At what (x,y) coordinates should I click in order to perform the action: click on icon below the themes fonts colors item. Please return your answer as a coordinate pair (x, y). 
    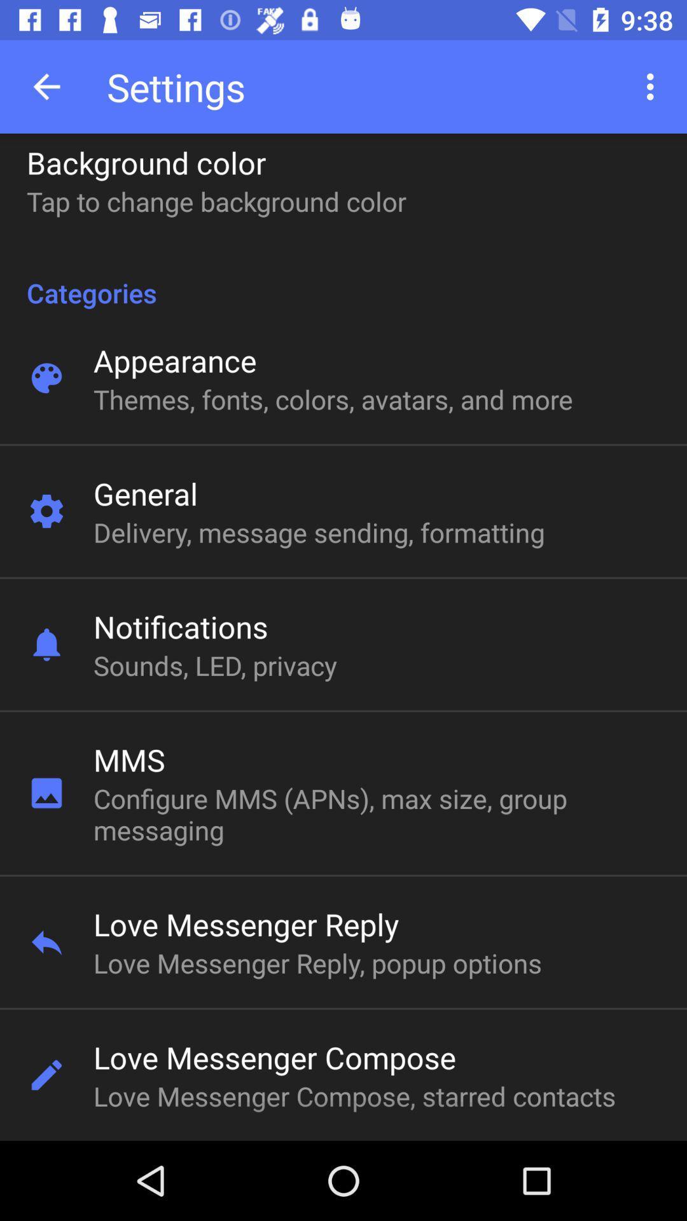
    Looking at the image, I should click on (145, 492).